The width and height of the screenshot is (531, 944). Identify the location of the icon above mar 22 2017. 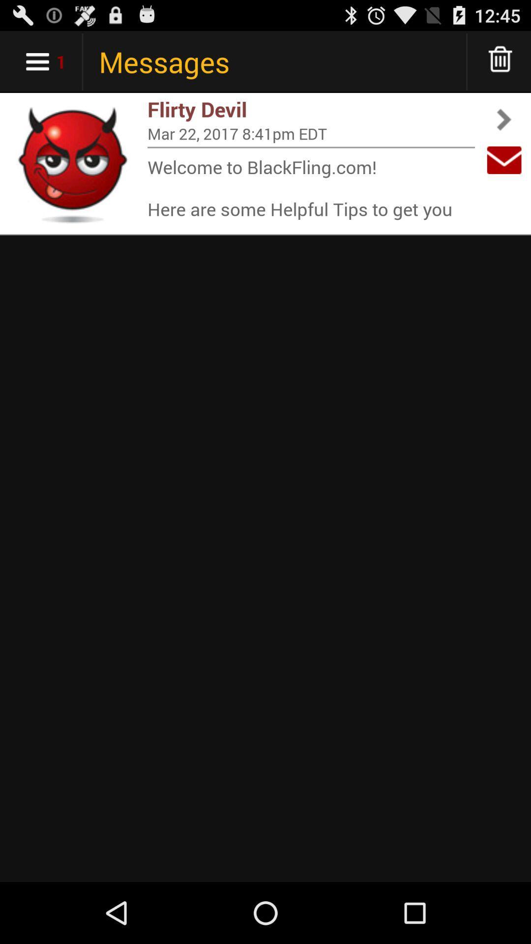
(311, 109).